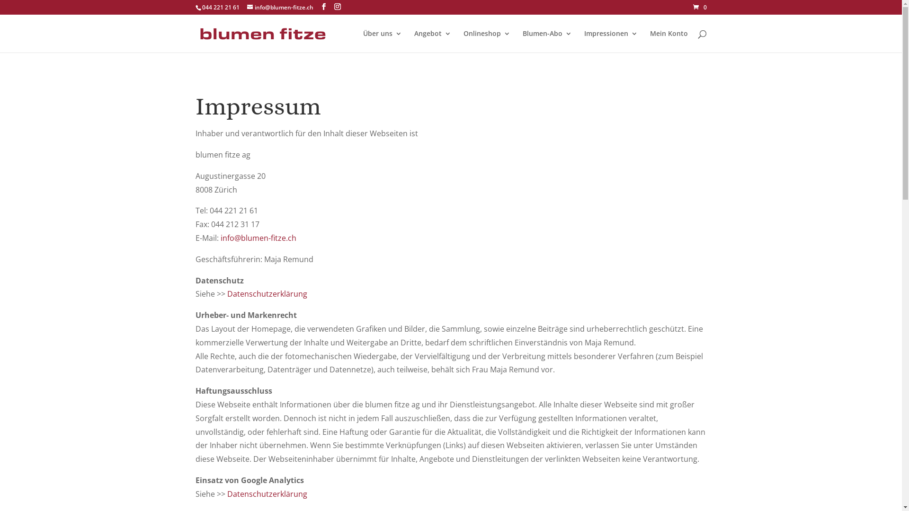  What do you see at coordinates (547, 41) in the screenshot?
I see `'Blumen-Abo'` at bounding box center [547, 41].